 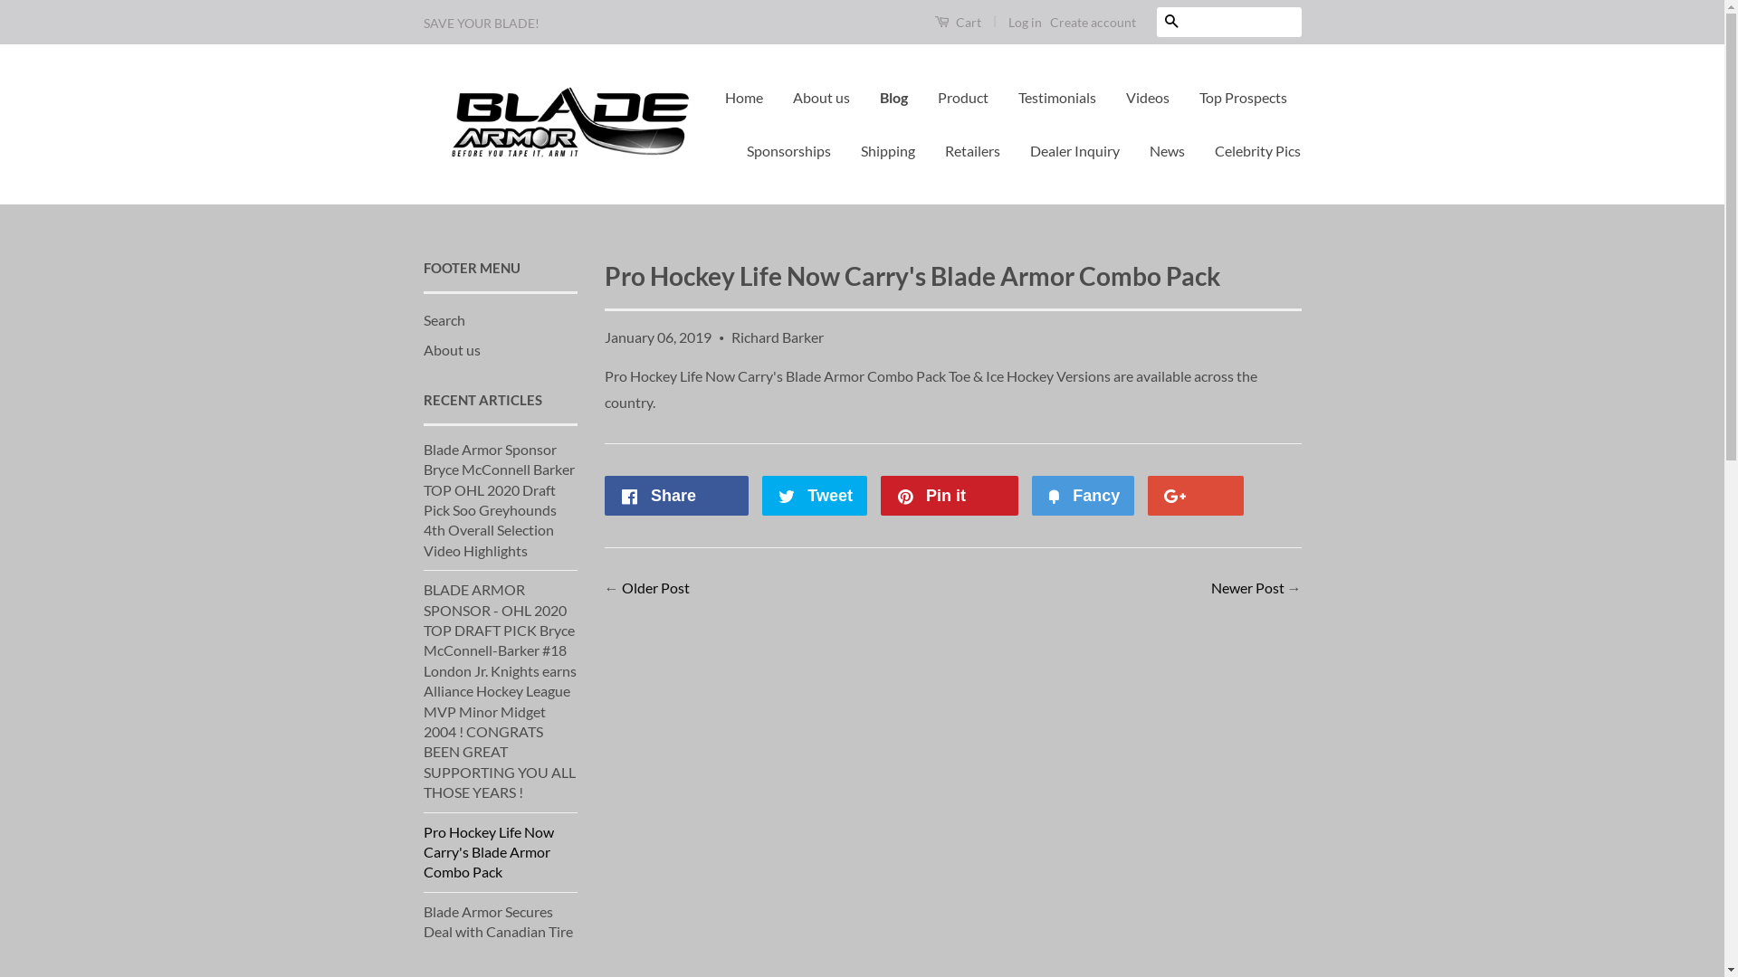 What do you see at coordinates (621, 587) in the screenshot?
I see `'Older Post'` at bounding box center [621, 587].